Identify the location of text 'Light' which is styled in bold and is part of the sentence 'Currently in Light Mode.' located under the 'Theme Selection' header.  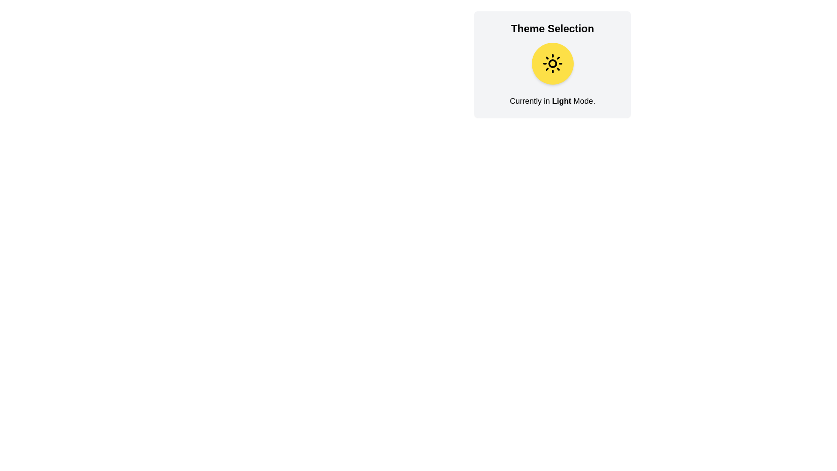
(561, 100).